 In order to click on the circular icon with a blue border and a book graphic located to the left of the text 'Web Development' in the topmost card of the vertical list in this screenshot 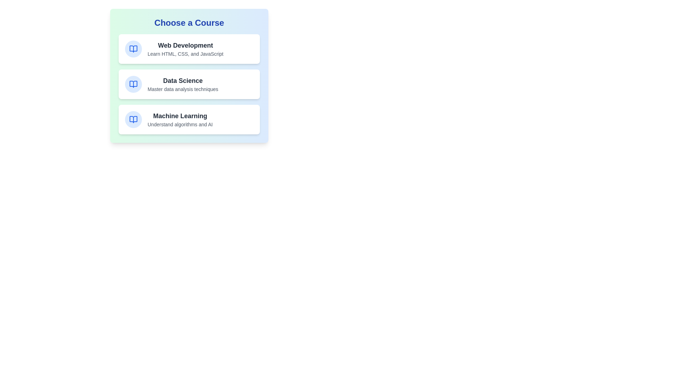, I will do `click(133, 48)`.